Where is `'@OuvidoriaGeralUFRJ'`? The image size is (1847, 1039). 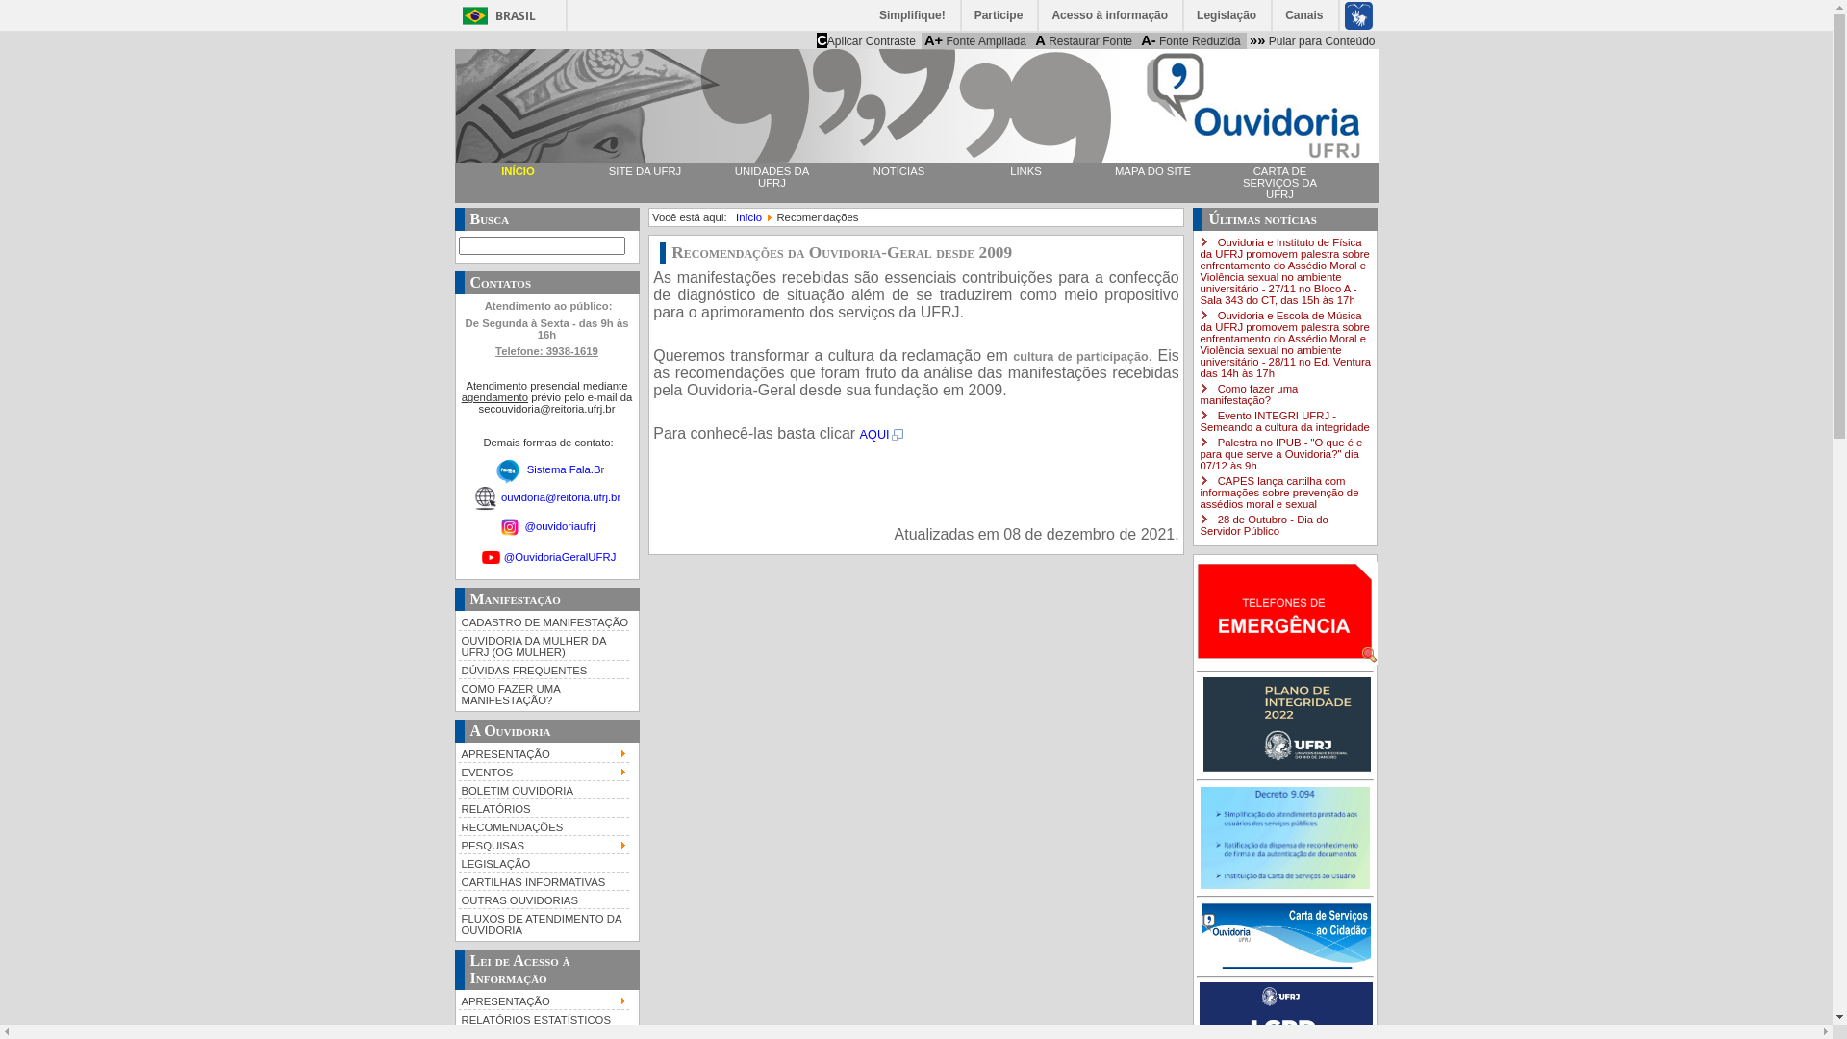 '@OuvidoriaGeralUFRJ' is located at coordinates (559, 556).